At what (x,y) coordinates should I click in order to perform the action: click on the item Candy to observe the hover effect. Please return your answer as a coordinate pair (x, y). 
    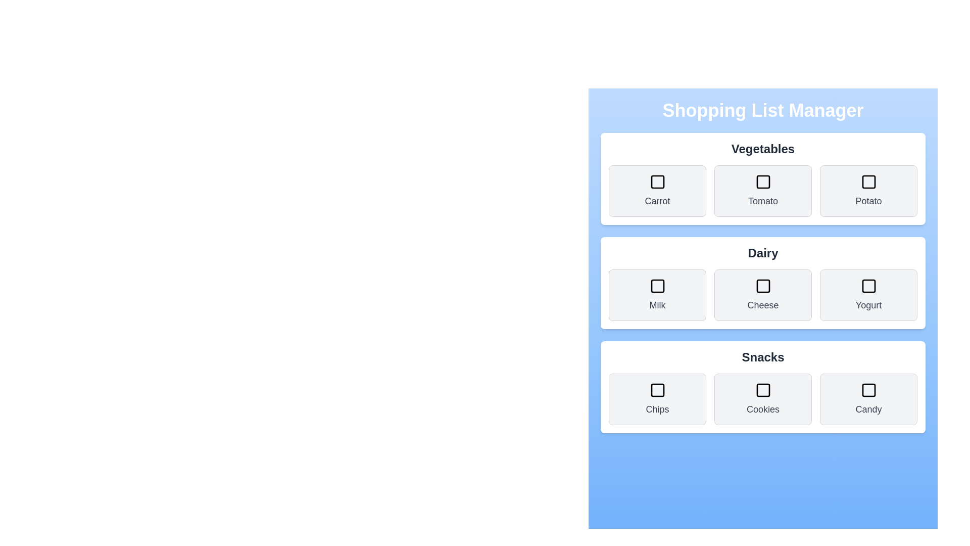
    Looking at the image, I should click on (868, 399).